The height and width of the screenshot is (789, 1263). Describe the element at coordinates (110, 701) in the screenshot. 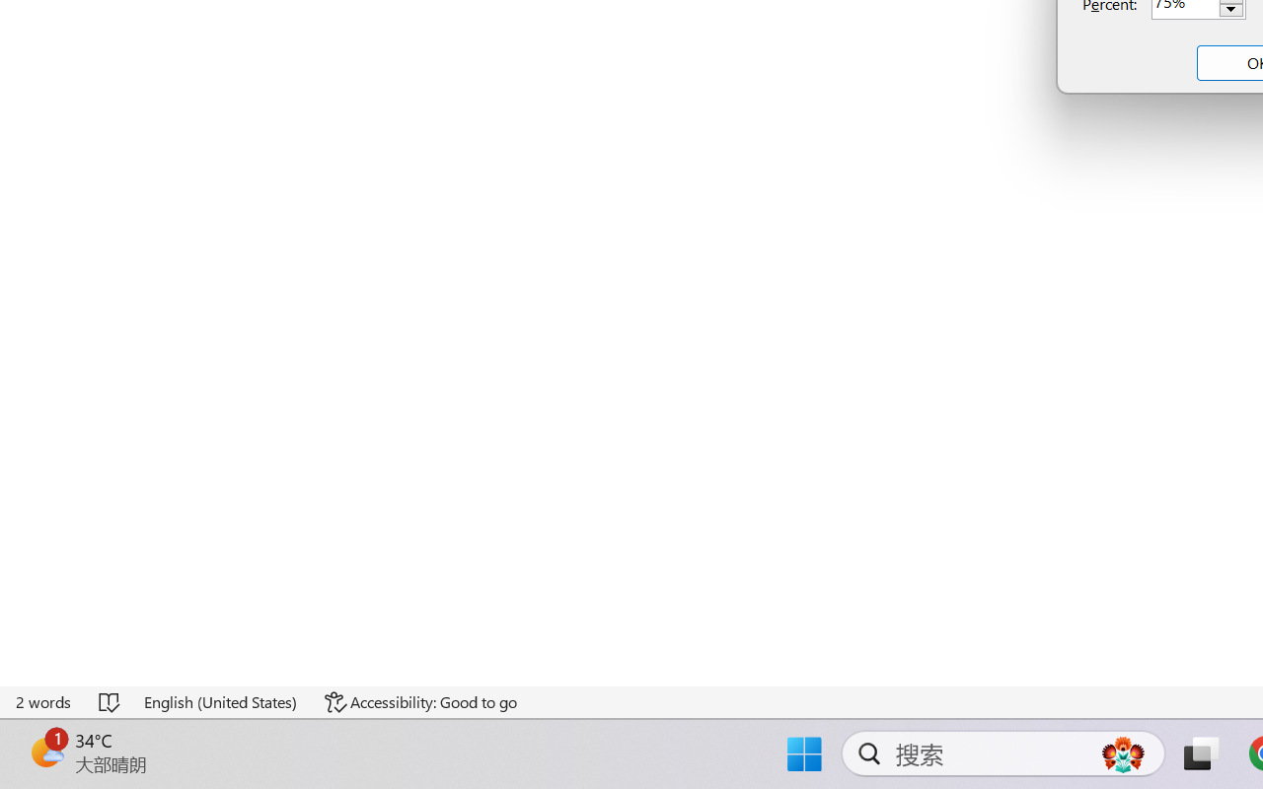

I see `'Spelling and Grammar Check No Errors'` at that location.